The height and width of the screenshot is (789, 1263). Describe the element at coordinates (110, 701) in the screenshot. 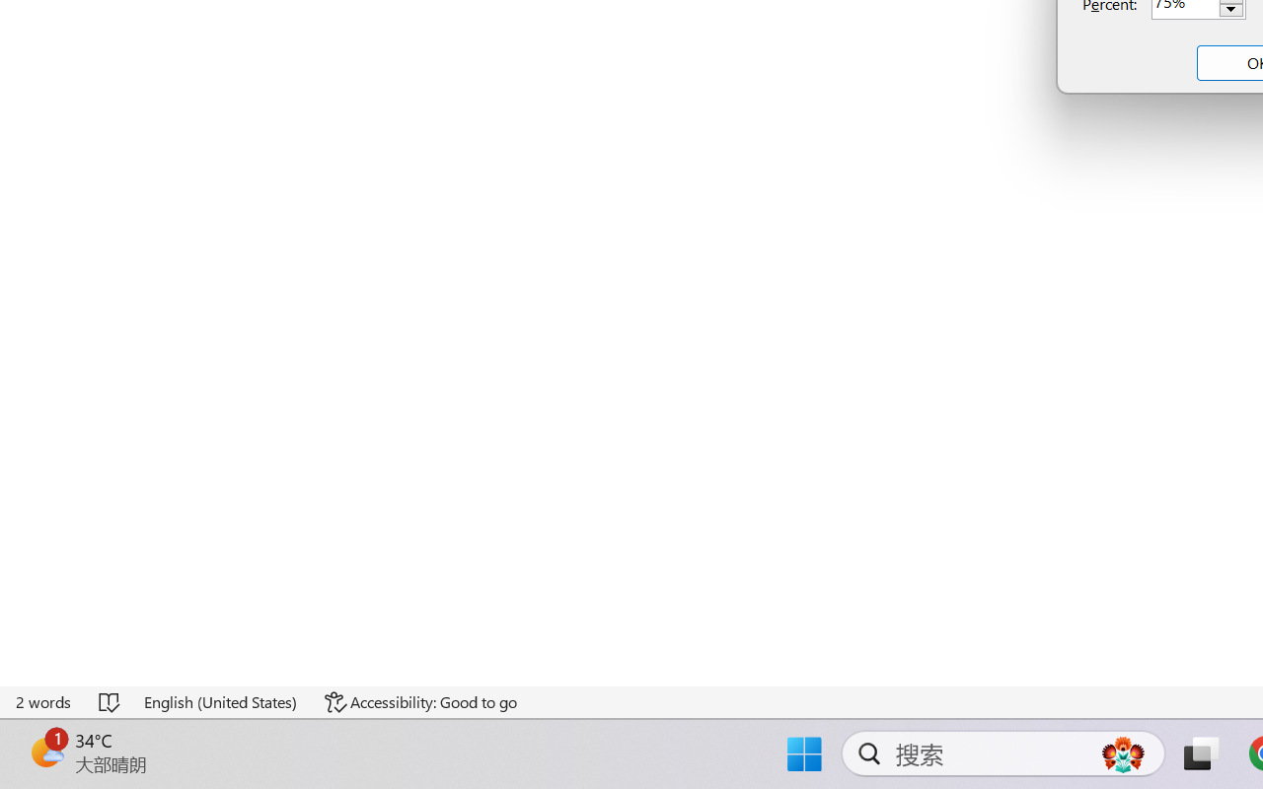

I see `'Spelling and Grammar Check No Errors'` at that location.